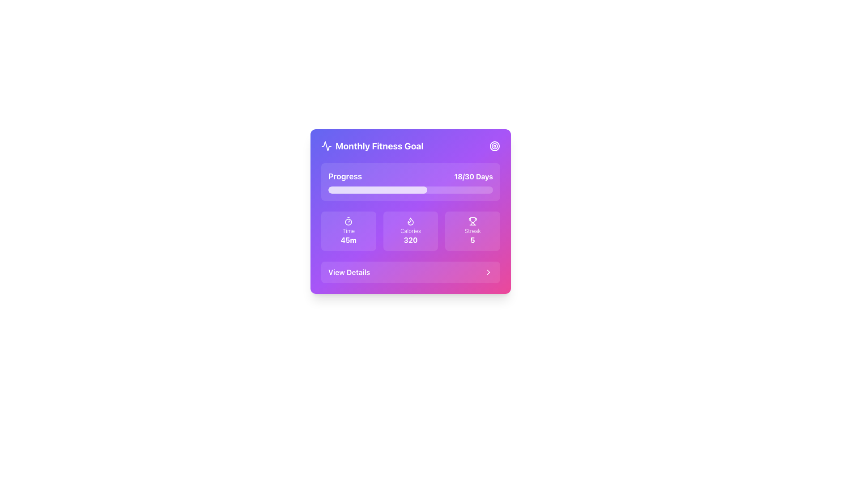  Describe the element at coordinates (410, 272) in the screenshot. I see `the 'View Details' button with a gradient background located at the bottom of the 'Monthly Fitness Goal' card` at that location.